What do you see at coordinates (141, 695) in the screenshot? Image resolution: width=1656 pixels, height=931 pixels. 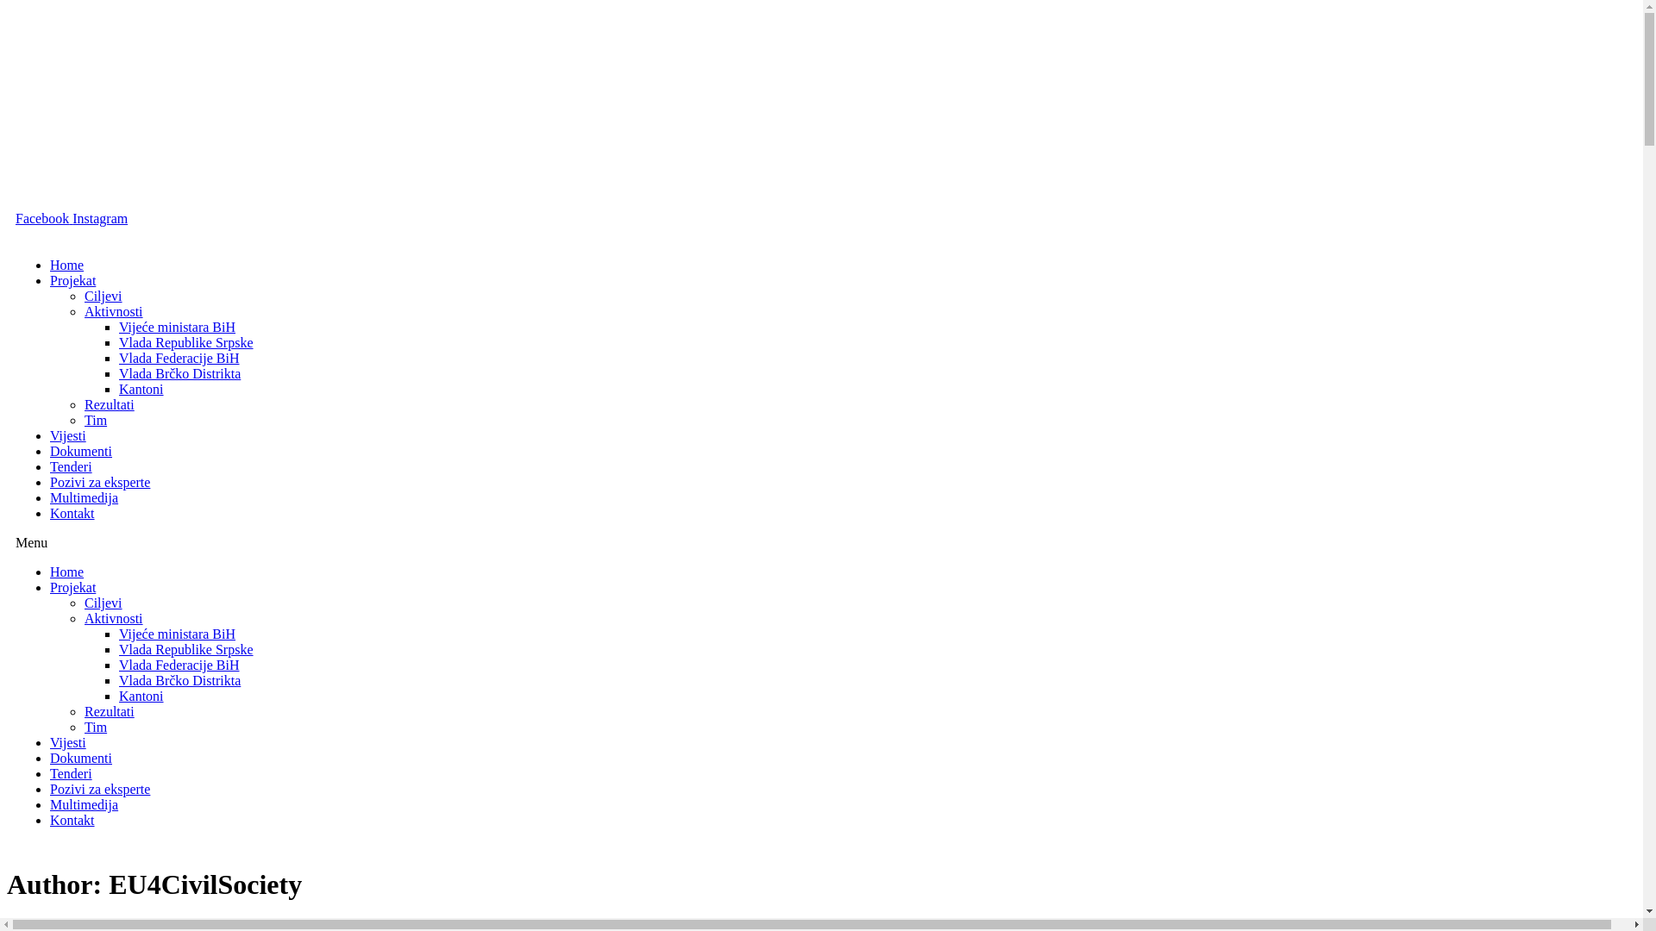 I see `'Kantoni'` at bounding box center [141, 695].